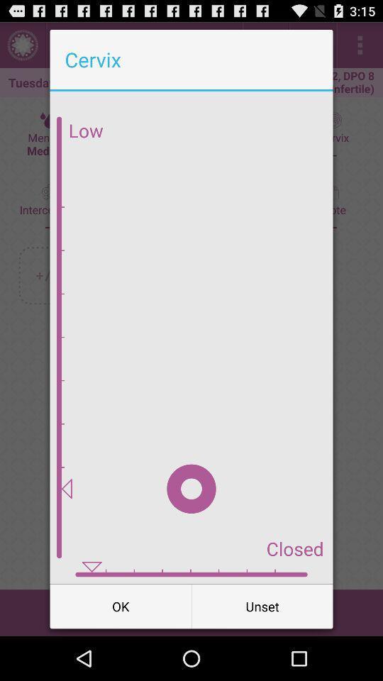 The image size is (383, 681). What do you see at coordinates (262, 605) in the screenshot?
I see `icon next to the ok icon` at bounding box center [262, 605].